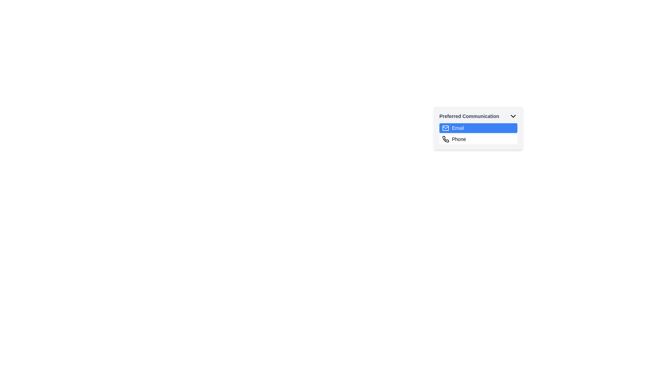 The image size is (669, 376). I want to click on the 'Phone' icon located in the dropdown menu under 'Preferred Communication', so click(445, 139).